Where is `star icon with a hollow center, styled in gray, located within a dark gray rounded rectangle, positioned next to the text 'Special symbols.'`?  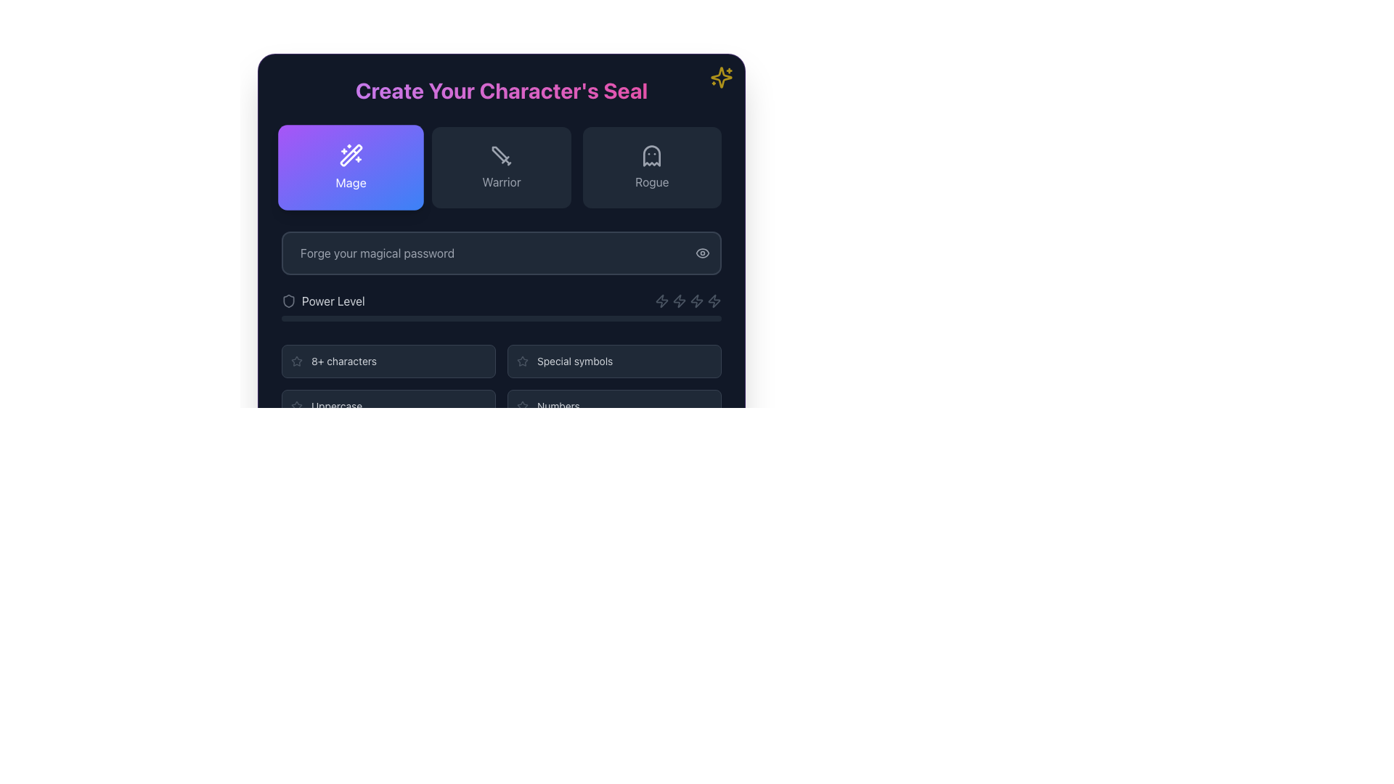
star icon with a hollow center, styled in gray, located within a dark gray rounded rectangle, positioned next to the text 'Special symbols.' is located at coordinates (523, 360).